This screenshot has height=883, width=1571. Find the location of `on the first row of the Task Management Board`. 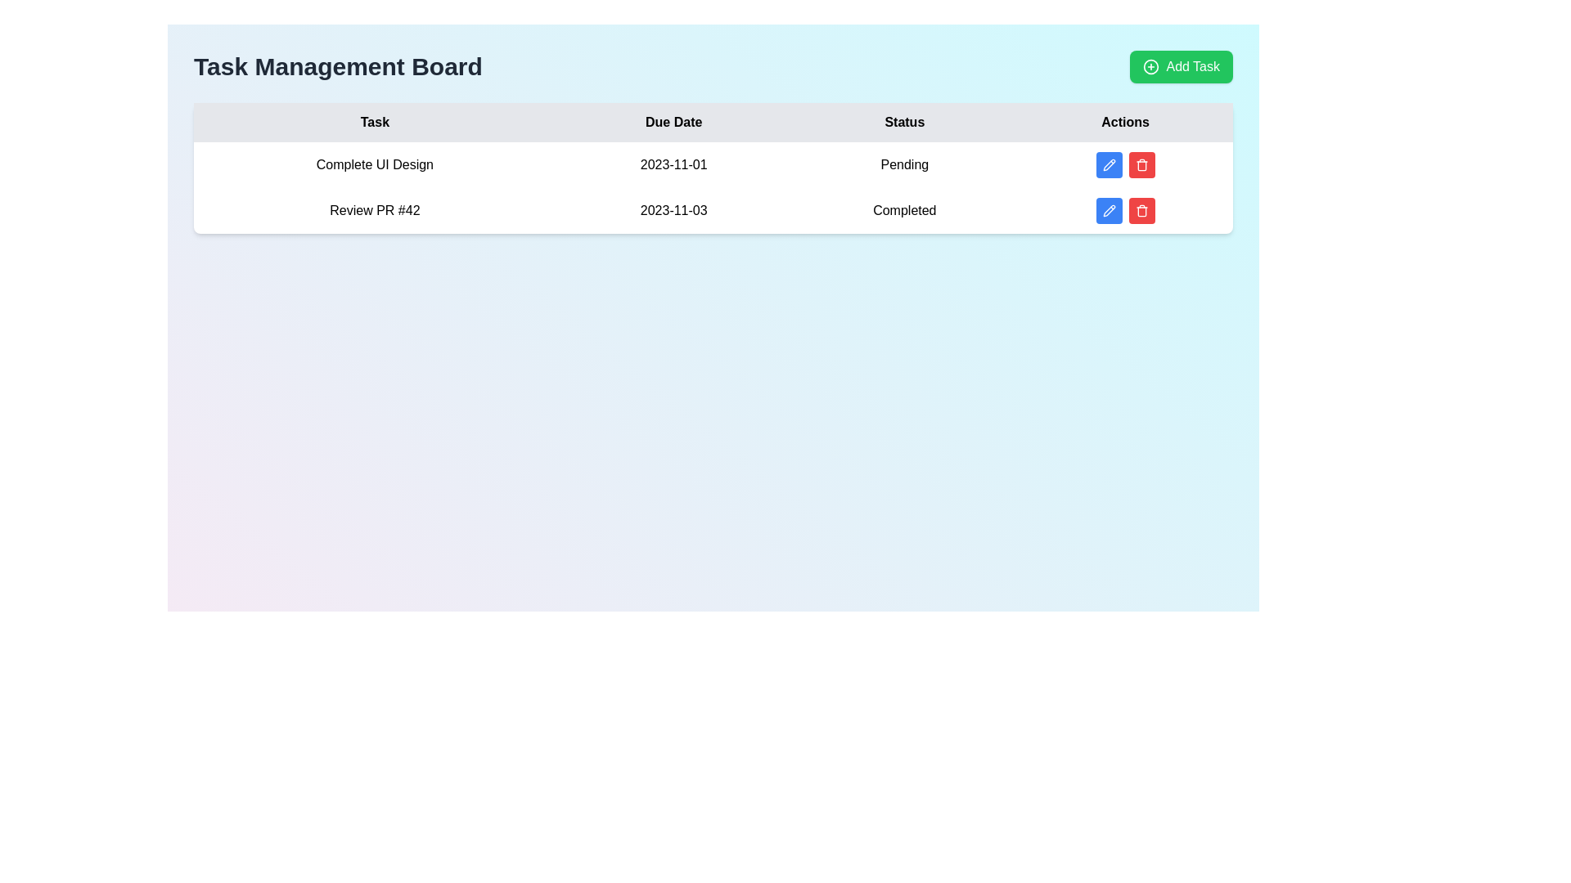

on the first row of the Task Management Board is located at coordinates (713, 164).